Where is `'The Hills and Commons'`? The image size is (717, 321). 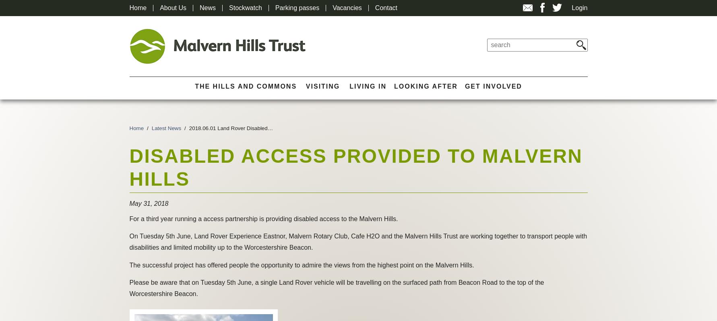 'The Hills and Commons' is located at coordinates (245, 86).